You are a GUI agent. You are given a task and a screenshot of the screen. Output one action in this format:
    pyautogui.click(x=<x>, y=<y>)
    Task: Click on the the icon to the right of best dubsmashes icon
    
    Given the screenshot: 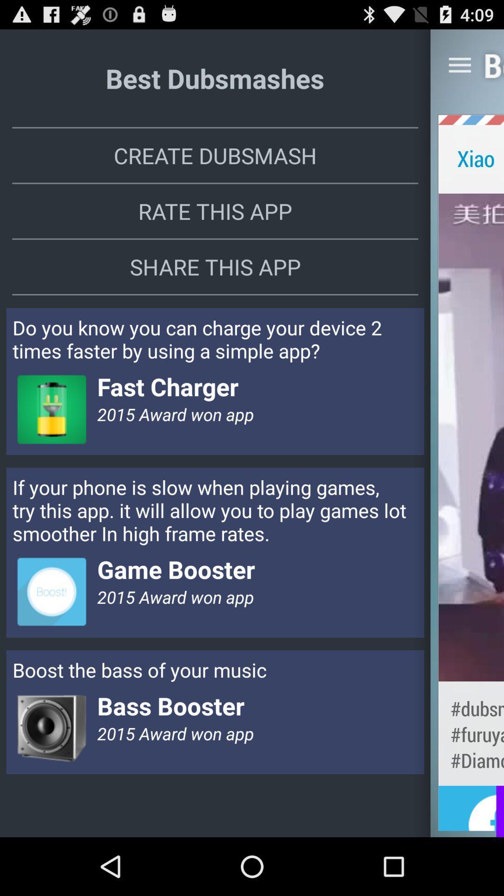 What is the action you would take?
    pyautogui.click(x=459, y=64)
    